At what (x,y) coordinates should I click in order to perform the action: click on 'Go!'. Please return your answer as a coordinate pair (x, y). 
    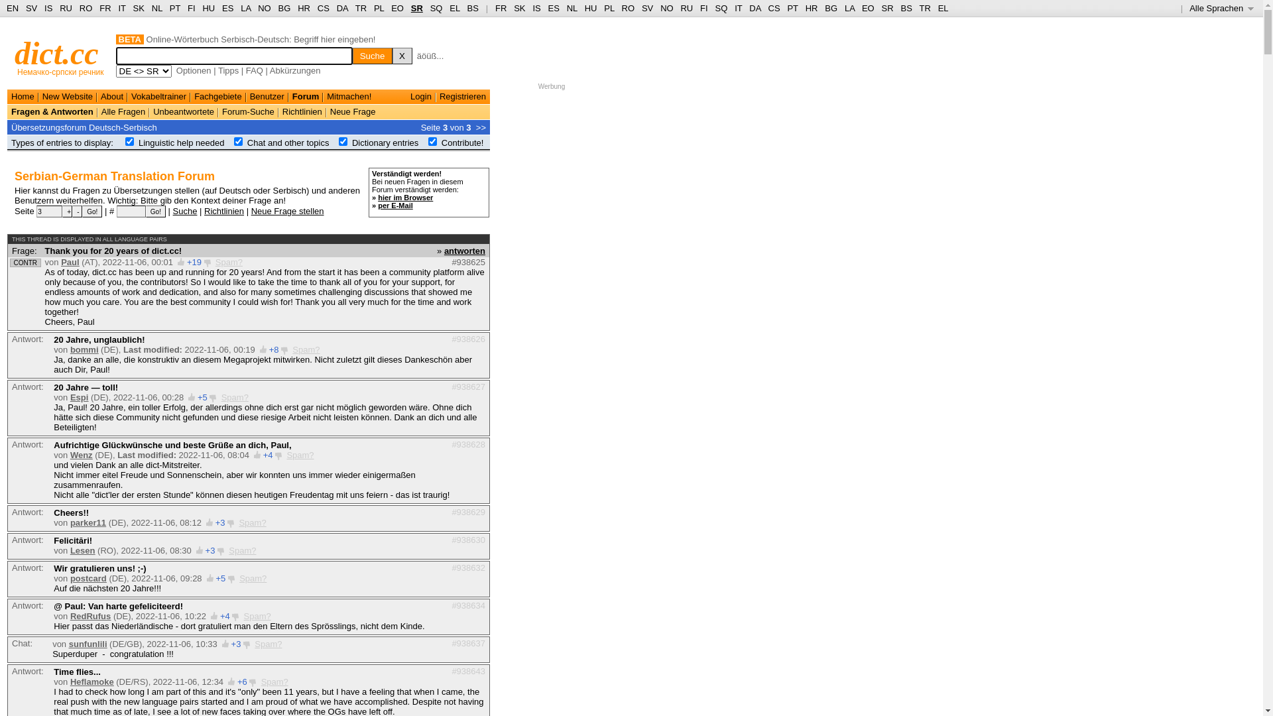
    Looking at the image, I should click on (91, 211).